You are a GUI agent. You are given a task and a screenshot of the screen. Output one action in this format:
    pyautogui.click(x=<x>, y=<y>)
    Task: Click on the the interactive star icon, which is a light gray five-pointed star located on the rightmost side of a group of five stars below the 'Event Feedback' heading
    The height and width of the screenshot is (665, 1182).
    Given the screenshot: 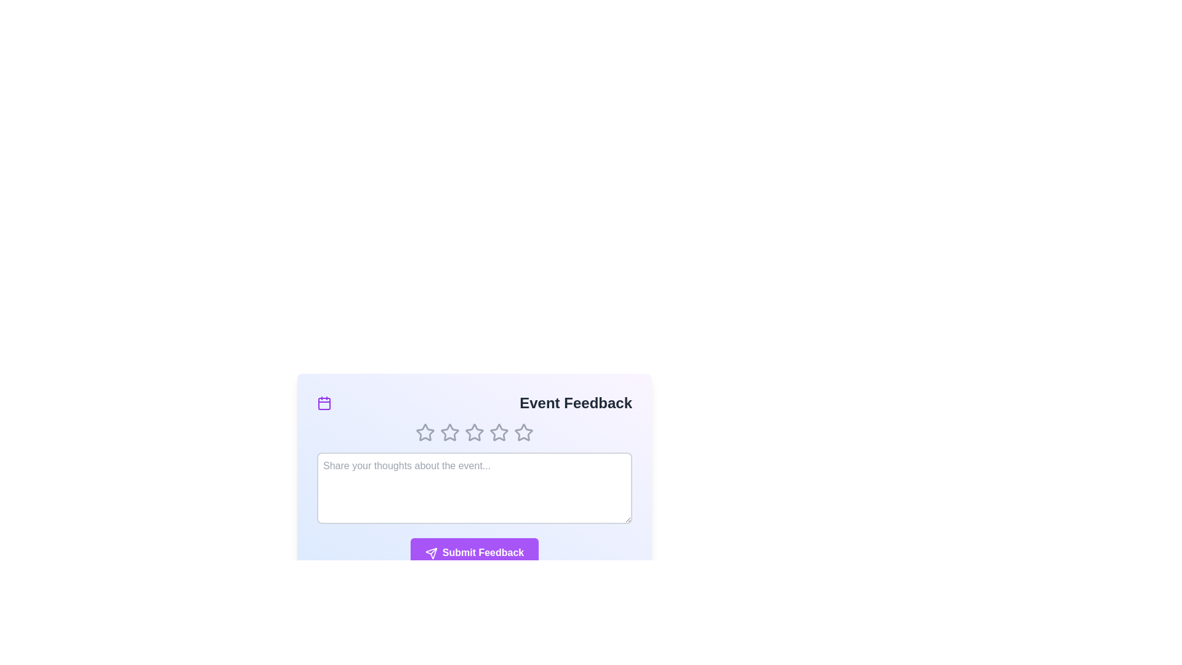 What is the action you would take?
    pyautogui.click(x=523, y=432)
    